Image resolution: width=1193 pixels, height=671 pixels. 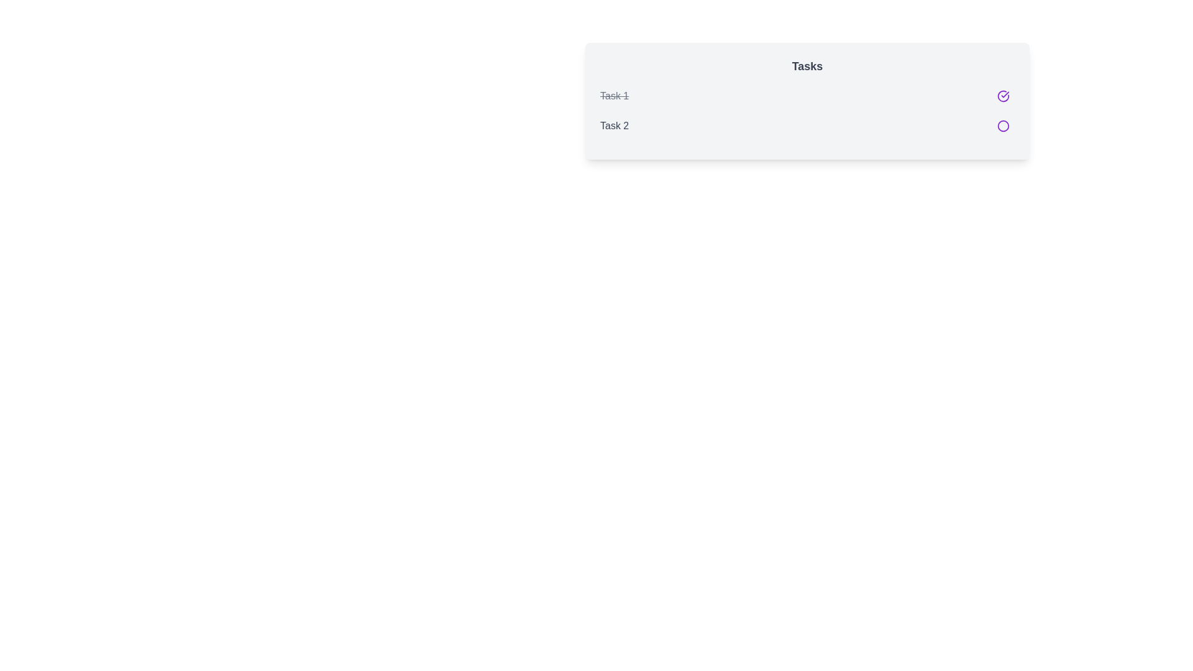 What do you see at coordinates (807, 95) in the screenshot?
I see `the circular check button in the task entry for 'Task 1' to mark the task as complete` at bounding box center [807, 95].